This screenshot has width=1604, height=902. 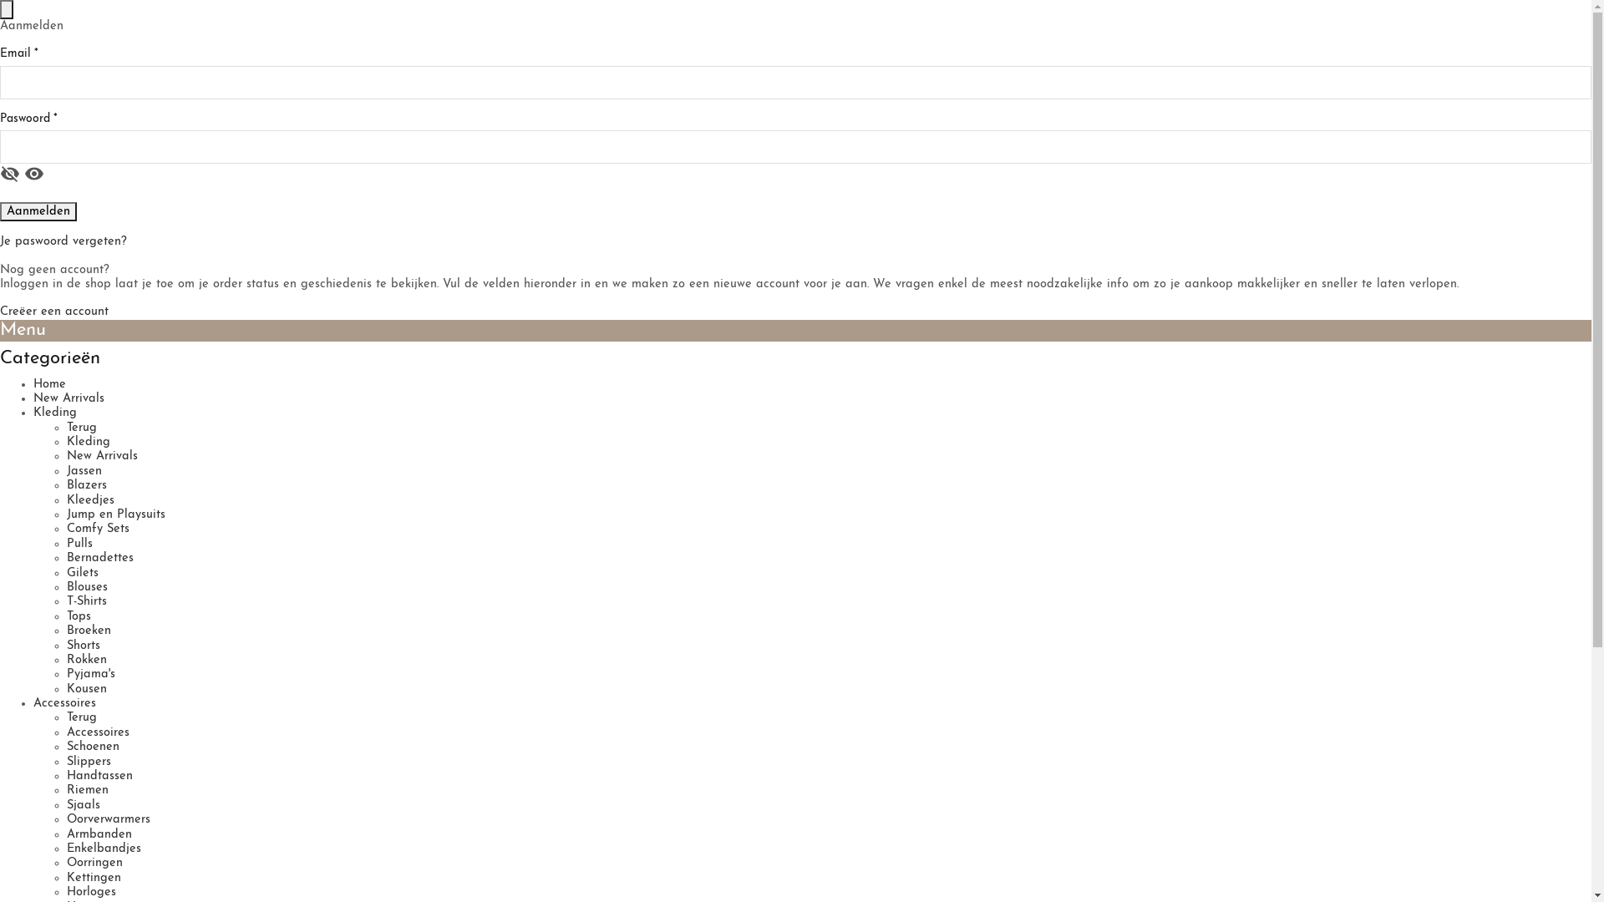 I want to click on 'New Arrivals', so click(x=67, y=456).